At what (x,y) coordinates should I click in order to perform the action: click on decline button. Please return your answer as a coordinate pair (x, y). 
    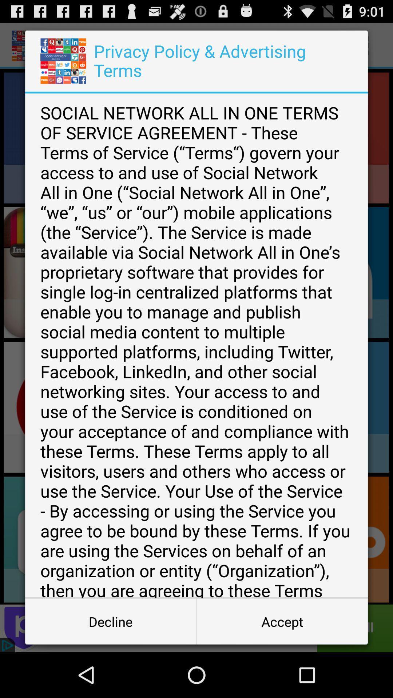
    Looking at the image, I should click on (111, 621).